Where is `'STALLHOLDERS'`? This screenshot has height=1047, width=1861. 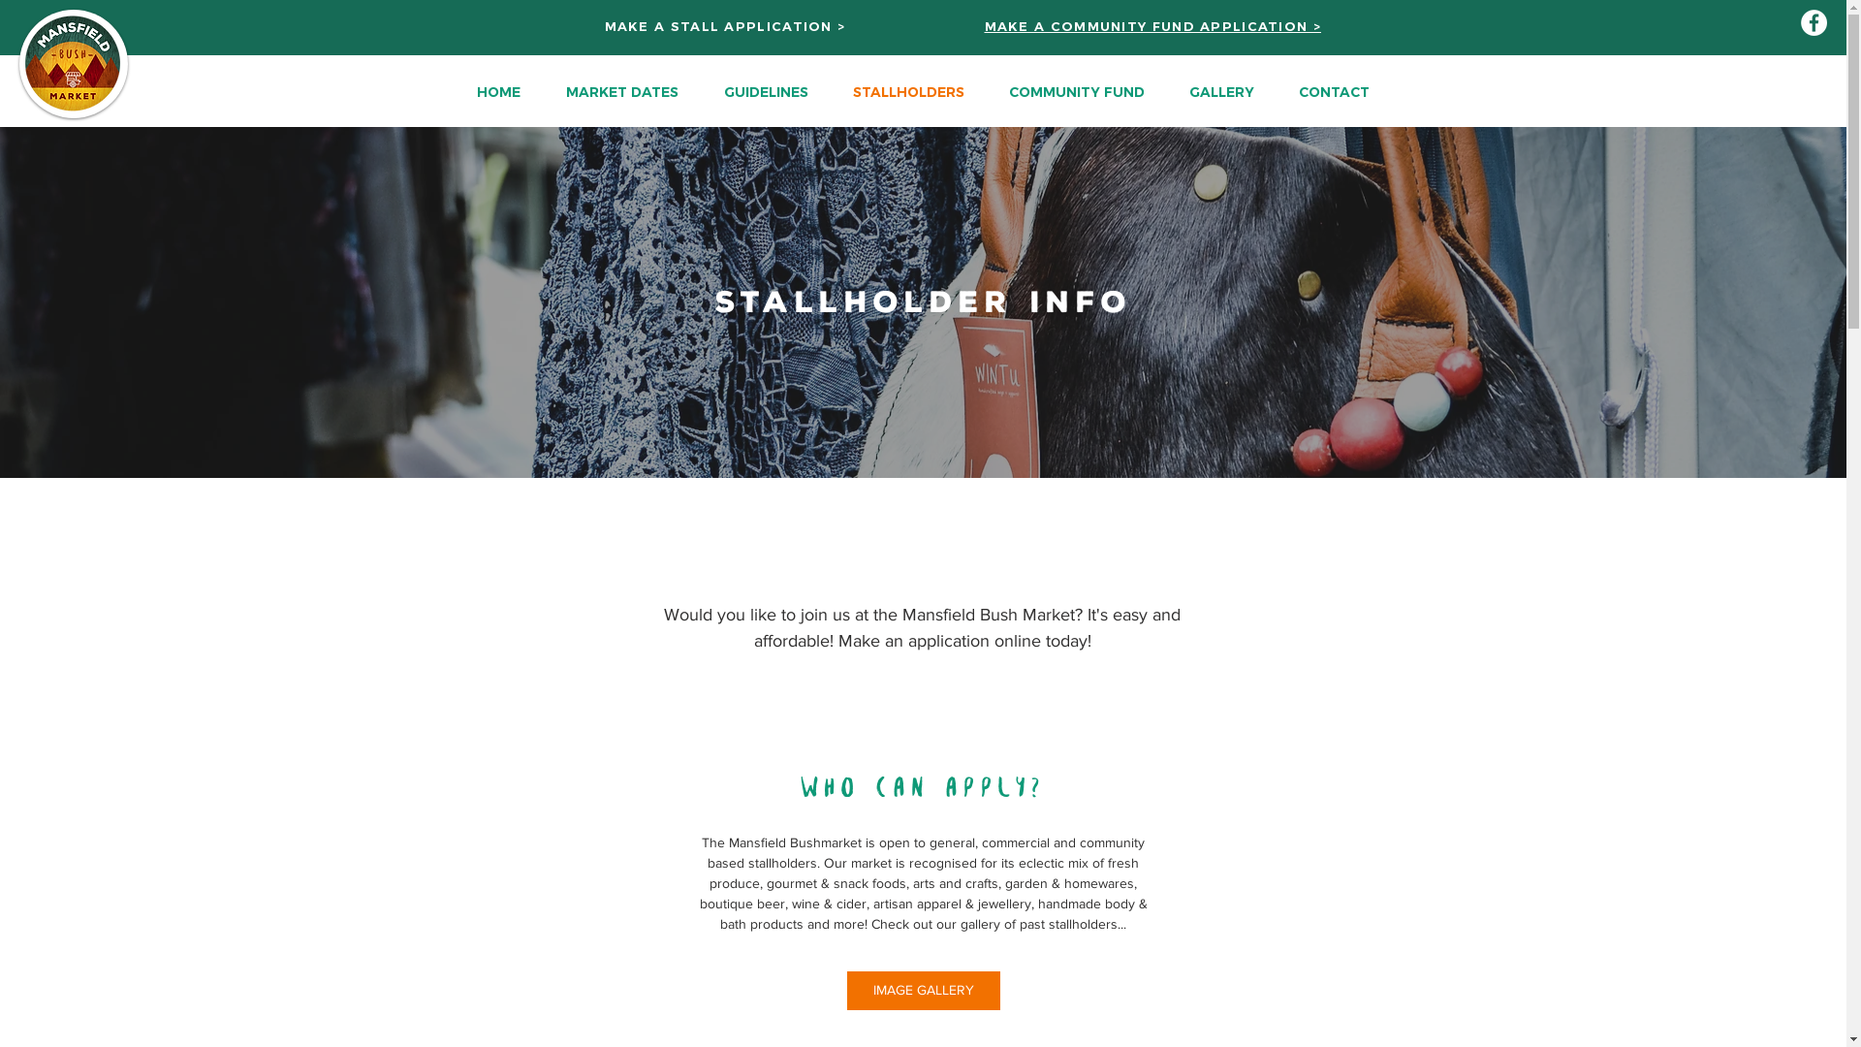
'STALLHOLDERS' is located at coordinates (829, 91).